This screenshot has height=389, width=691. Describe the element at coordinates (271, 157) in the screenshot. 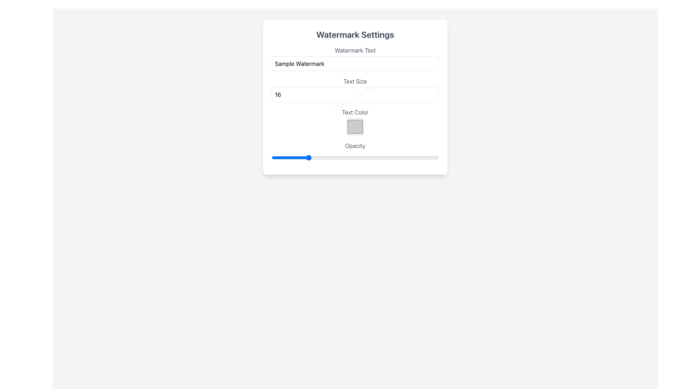

I see `the opacity slider` at that location.